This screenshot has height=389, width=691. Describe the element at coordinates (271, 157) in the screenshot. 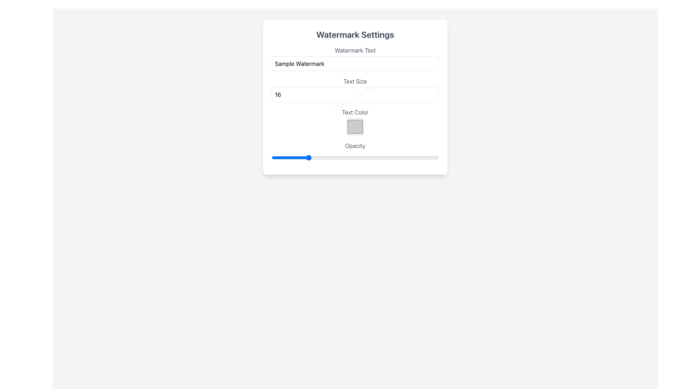

I see `the opacity slider` at that location.